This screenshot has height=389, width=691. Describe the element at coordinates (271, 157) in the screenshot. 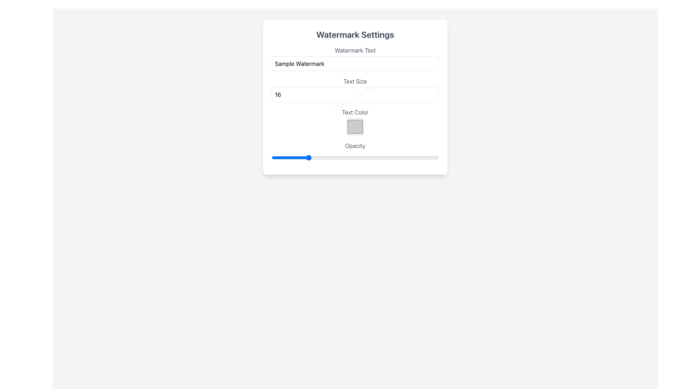

I see `the opacity slider` at that location.